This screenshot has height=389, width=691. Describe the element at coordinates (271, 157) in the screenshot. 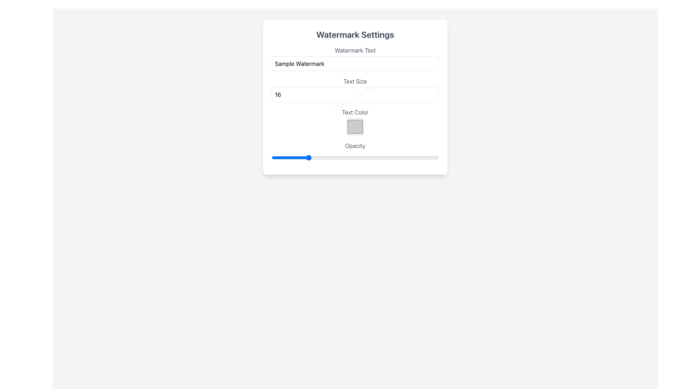

I see `the opacity slider` at that location.